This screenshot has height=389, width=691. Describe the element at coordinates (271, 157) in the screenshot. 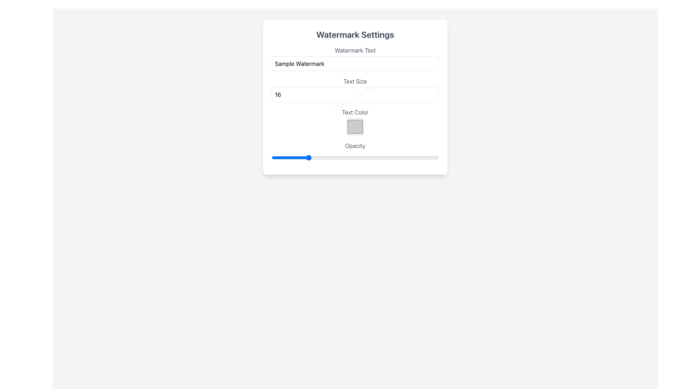

I see `the opacity slider` at that location.